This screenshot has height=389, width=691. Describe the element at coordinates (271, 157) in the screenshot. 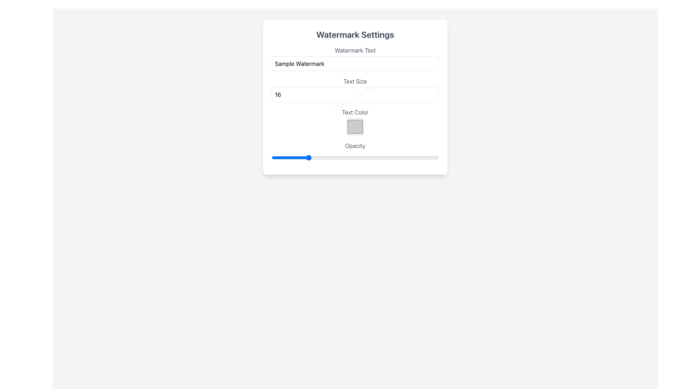

I see `the opacity slider` at that location.